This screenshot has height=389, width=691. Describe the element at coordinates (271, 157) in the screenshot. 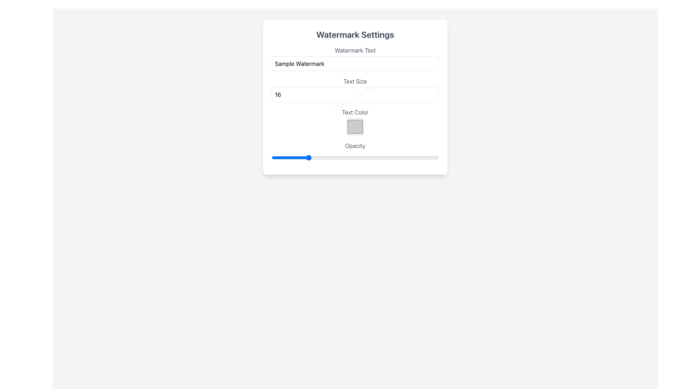

I see `the opacity slider` at that location.